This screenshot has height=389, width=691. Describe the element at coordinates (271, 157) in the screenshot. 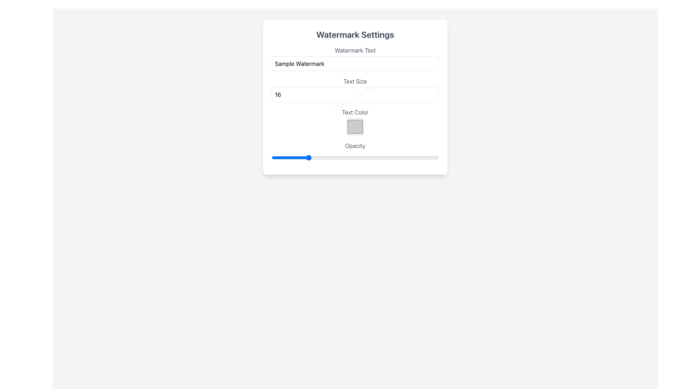

I see `the opacity slider` at that location.